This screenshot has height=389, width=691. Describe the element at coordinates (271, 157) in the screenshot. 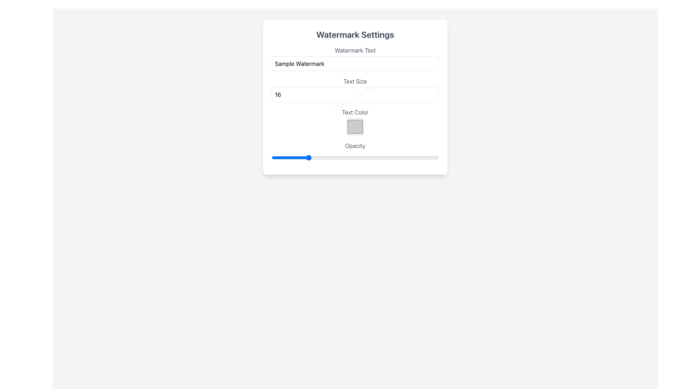

I see `the opacity slider` at that location.